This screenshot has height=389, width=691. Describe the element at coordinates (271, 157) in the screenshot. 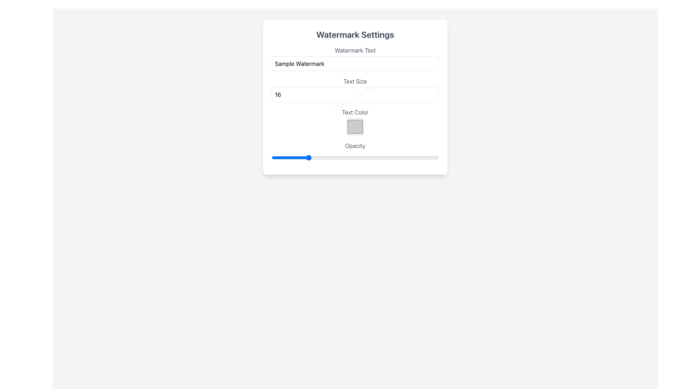

I see `the opacity slider` at that location.